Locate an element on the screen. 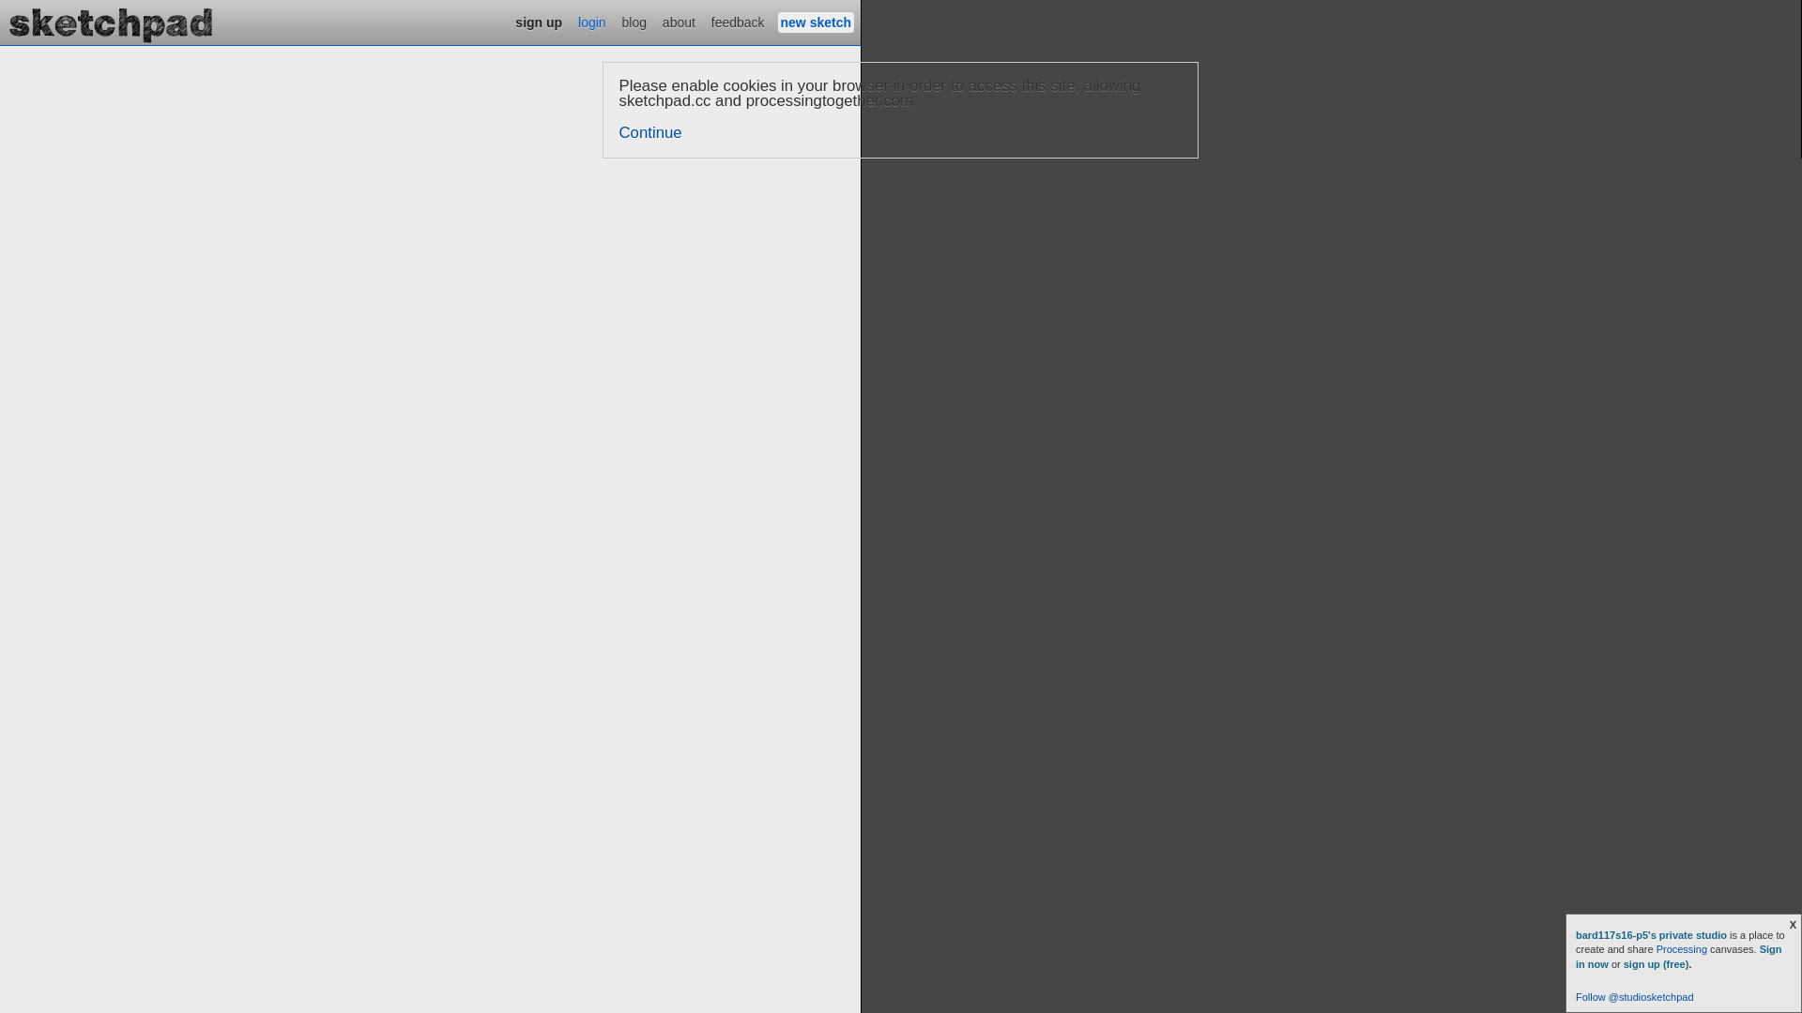  'feedback' is located at coordinates (737, 22).